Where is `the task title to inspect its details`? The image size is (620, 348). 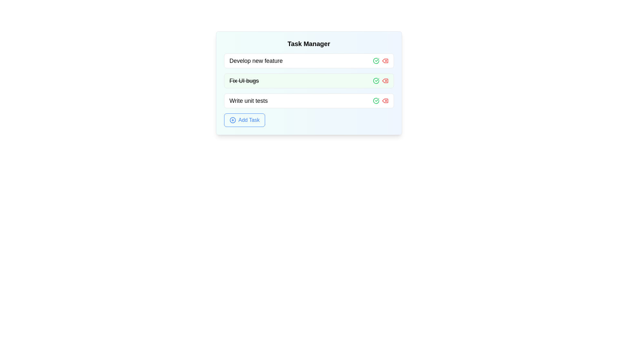 the task title to inspect its details is located at coordinates (255, 61).